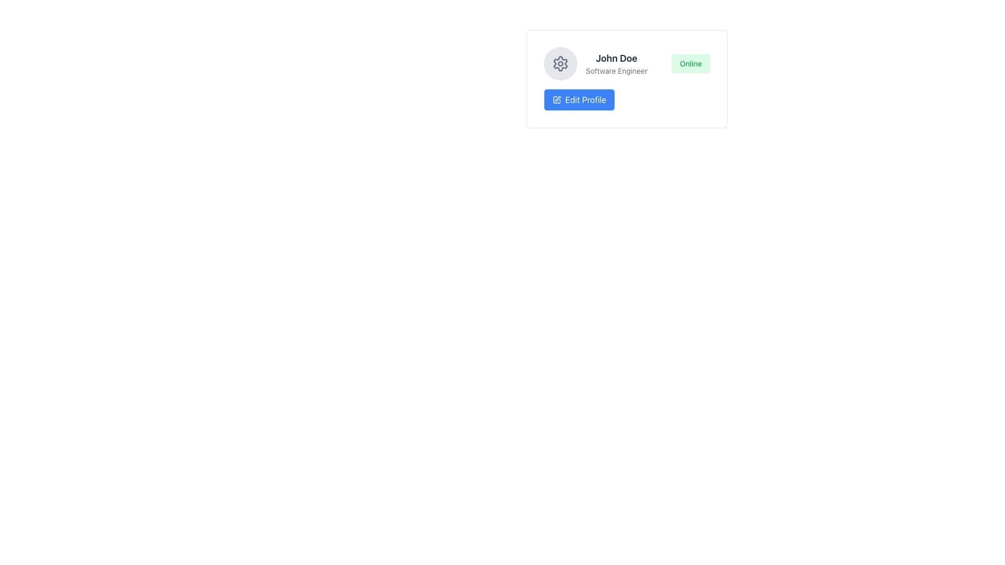  What do you see at coordinates (616, 64) in the screenshot?
I see `the text display element showing 'John Doe' in bold style, located in the top-right region of the interface card, if it is interactive` at bounding box center [616, 64].